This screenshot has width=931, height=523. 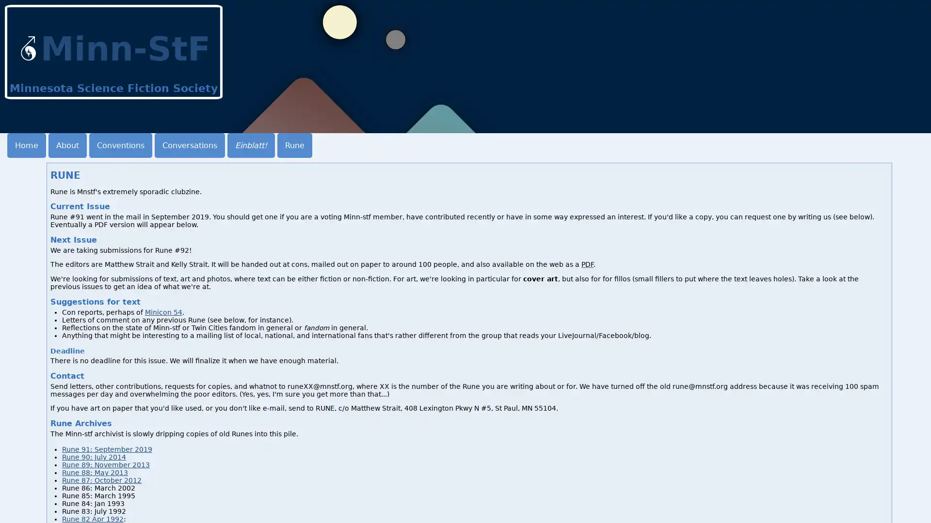 I want to click on Conventions, so click(x=120, y=145).